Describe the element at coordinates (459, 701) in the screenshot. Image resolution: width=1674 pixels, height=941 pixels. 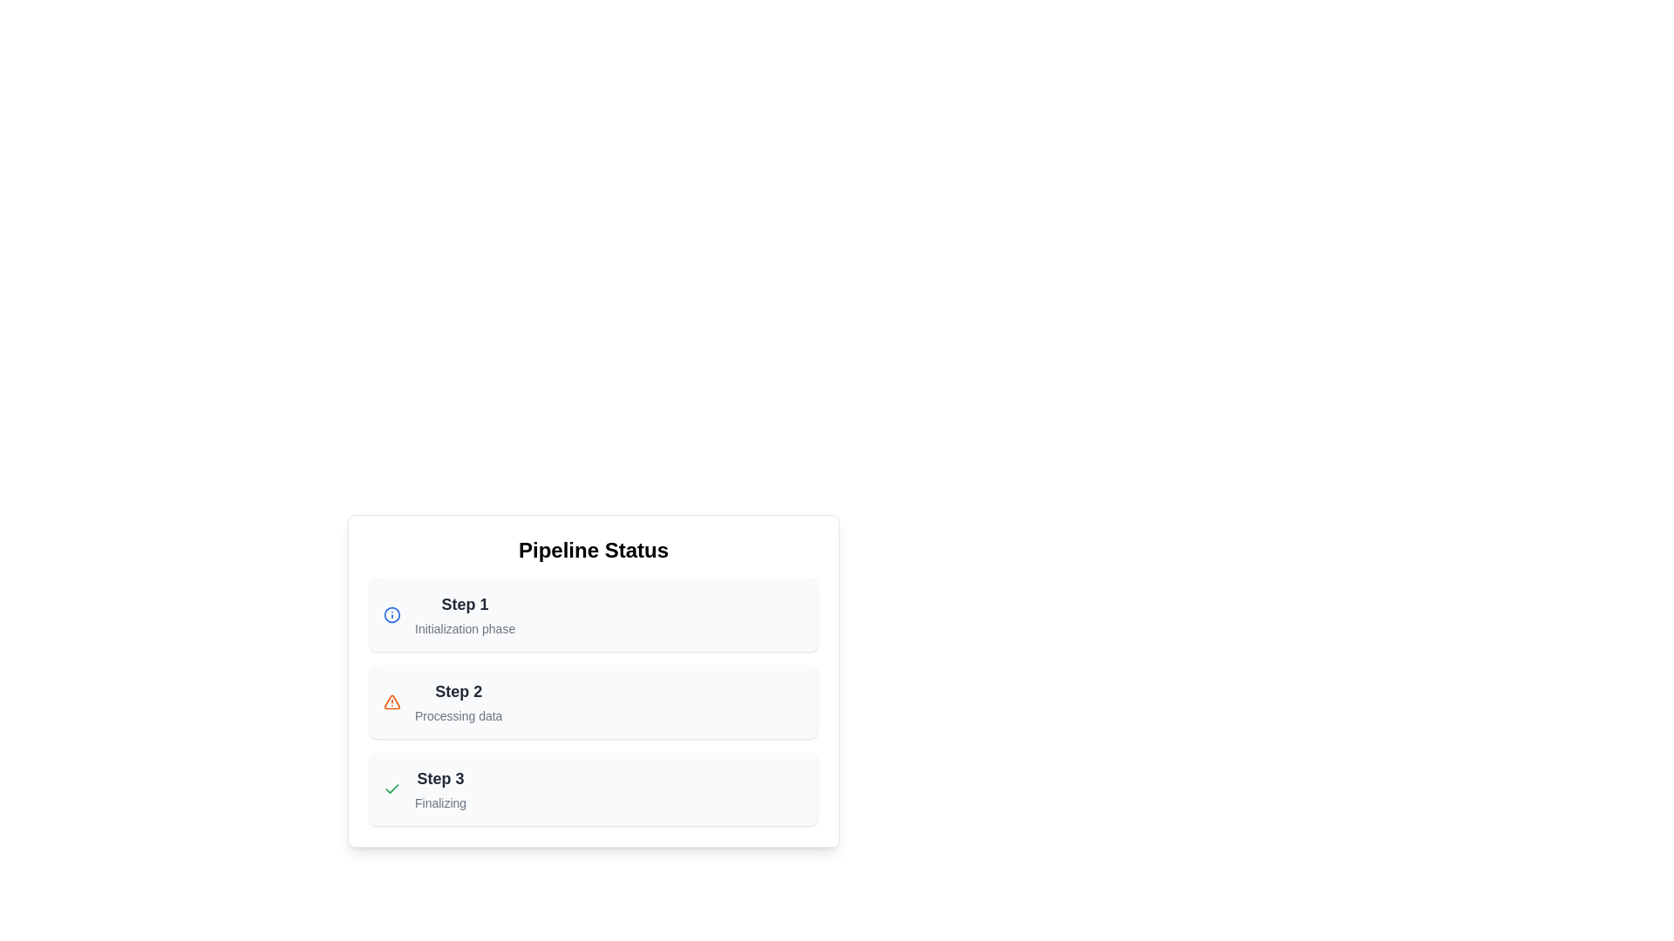
I see `the 'Step 2' text label, which indicates the current status in the multi-step process visualization, positioned between 'Step 1: Initialization phase' above and 'Step 3: Finalizing' below` at that location.